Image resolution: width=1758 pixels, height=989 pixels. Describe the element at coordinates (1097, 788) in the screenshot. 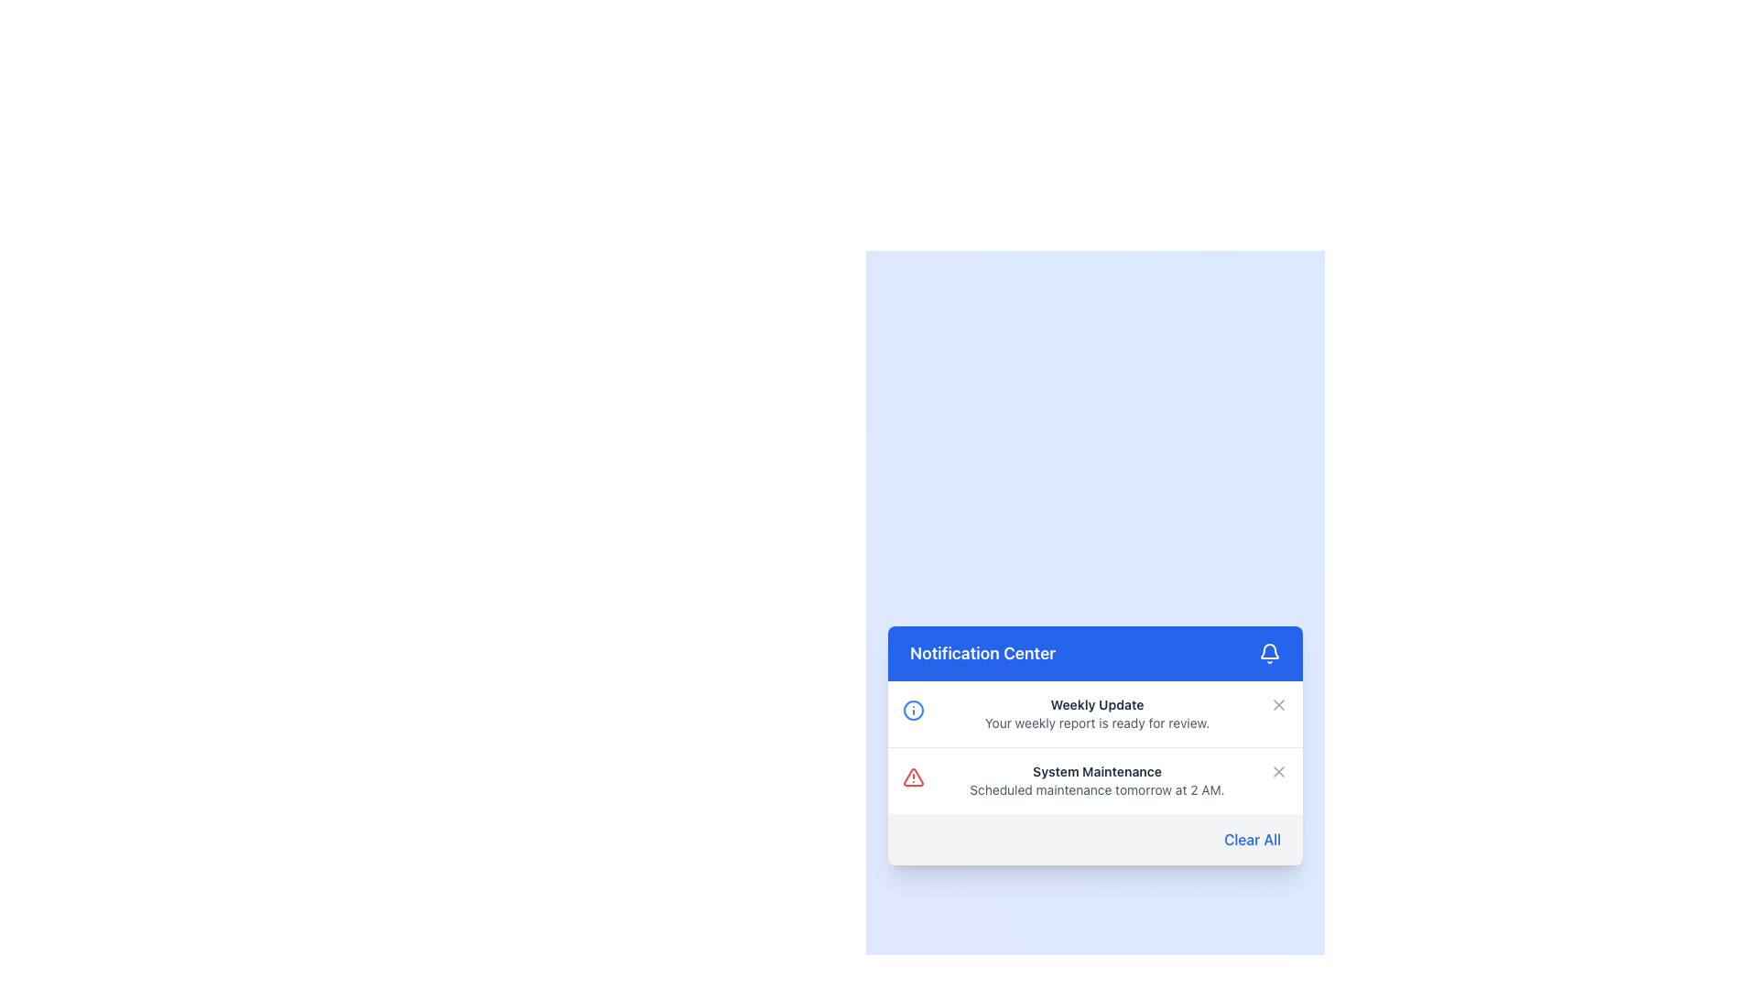

I see `the non-interactive text block that conveys information about a scheduled maintenance event, positioned directly below 'System Maintenance' and within the 'Notification Center'` at that location.